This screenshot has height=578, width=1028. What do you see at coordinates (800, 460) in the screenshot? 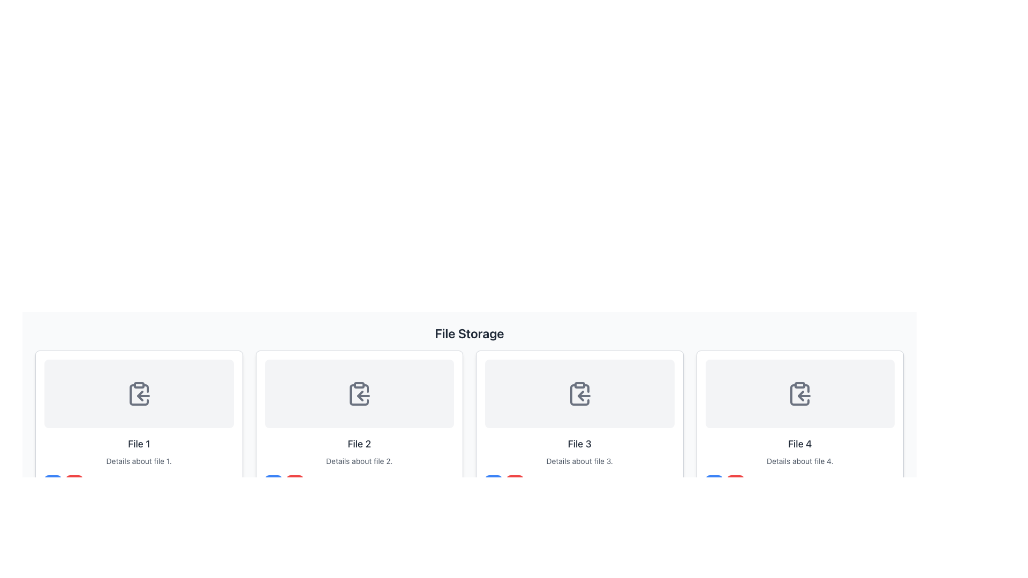
I see `the text label displaying 'Details about file 4.' located beneath the title 'File 4' in the fourth file card` at bounding box center [800, 460].